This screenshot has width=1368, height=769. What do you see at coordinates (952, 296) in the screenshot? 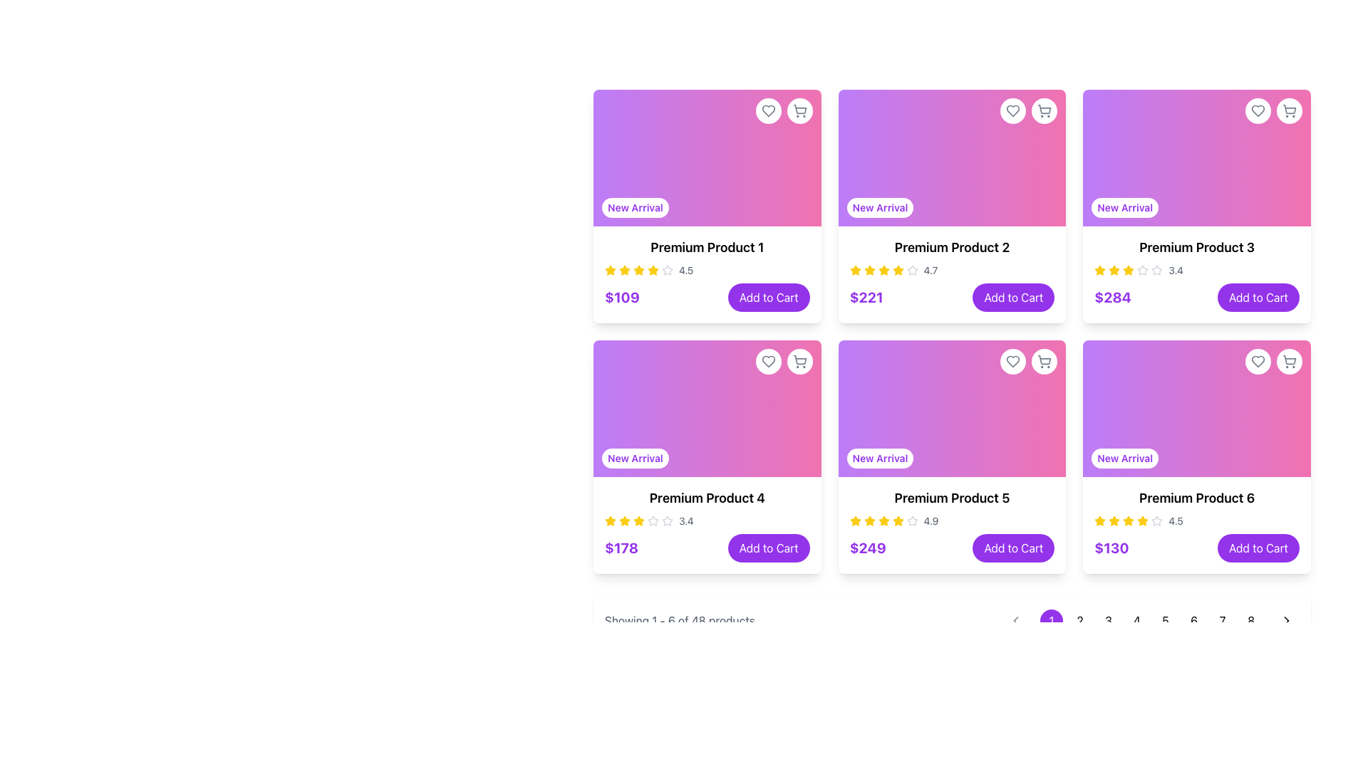
I see `the 'Add to Cart' button in the 'Premium Product 2' card to trigger a style change` at bounding box center [952, 296].